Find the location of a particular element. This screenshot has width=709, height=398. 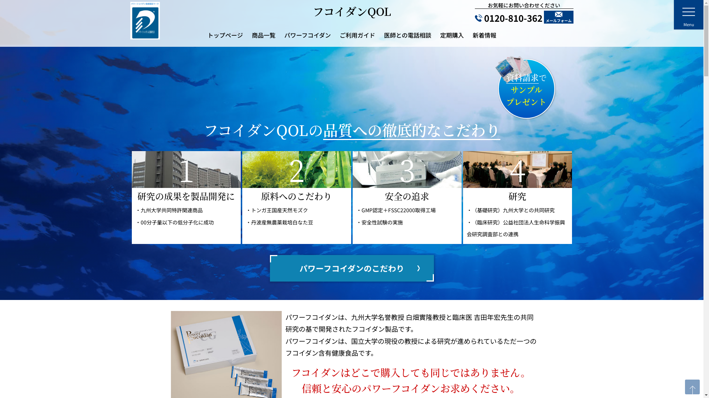

'0120-810-362' is located at coordinates (508, 18).